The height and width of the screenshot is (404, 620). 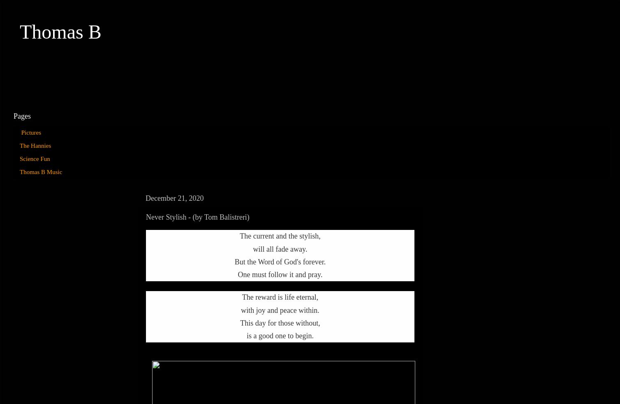 I want to click on 'But the Word of God's forever.', so click(x=280, y=262).